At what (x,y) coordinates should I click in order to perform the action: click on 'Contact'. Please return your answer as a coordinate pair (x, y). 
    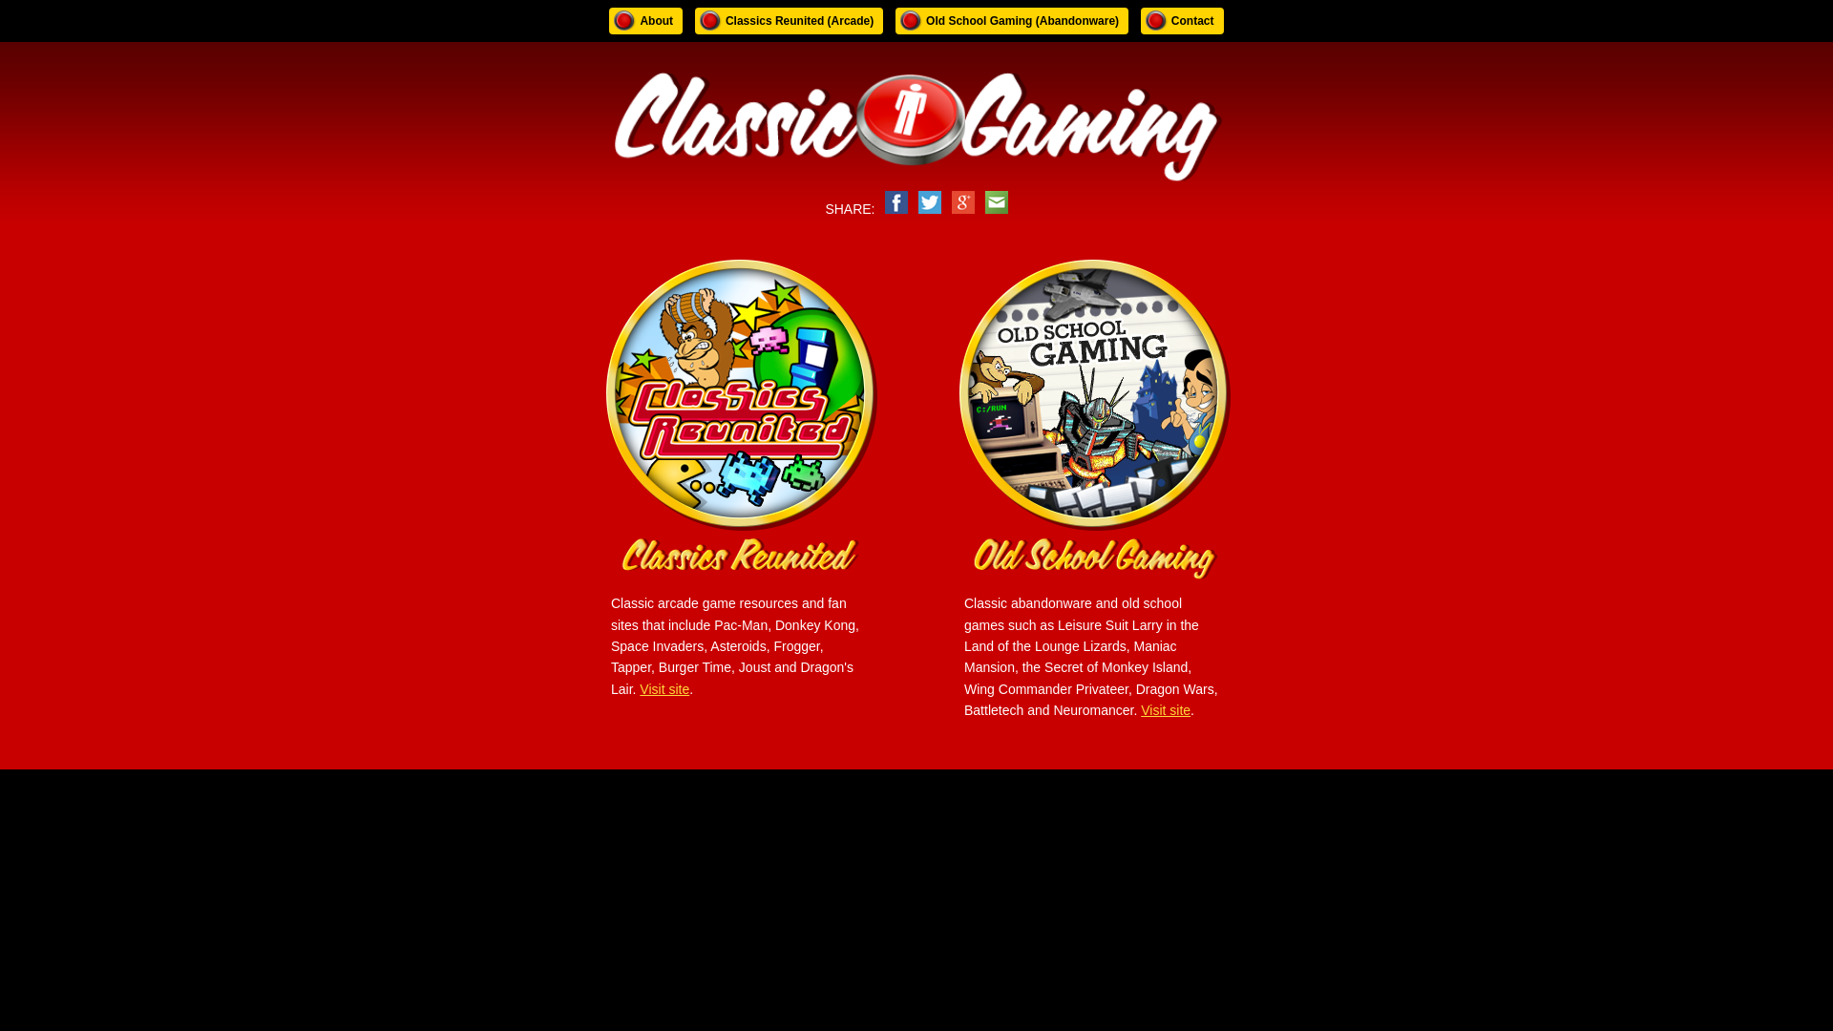
    Looking at the image, I should click on (1181, 21).